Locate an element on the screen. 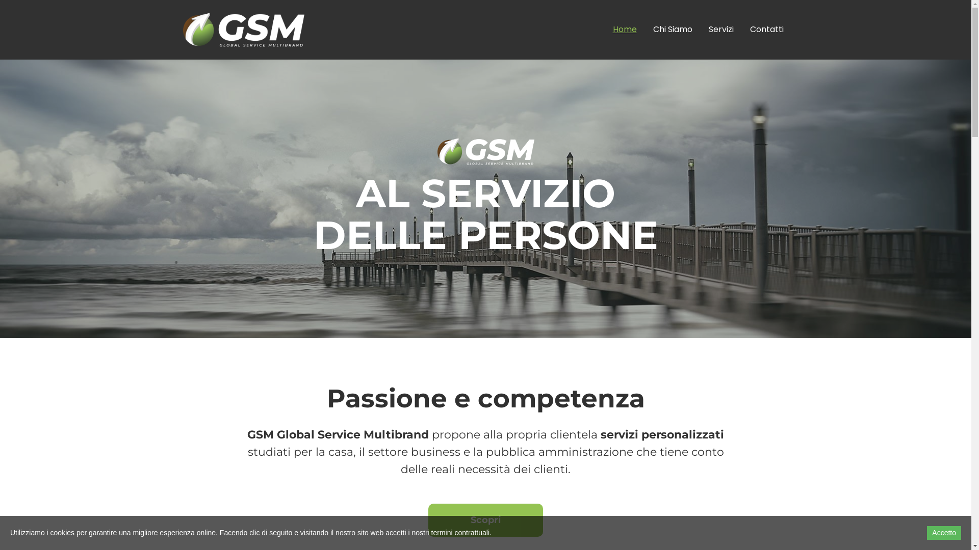  'Servizi' is located at coordinates (720, 29).